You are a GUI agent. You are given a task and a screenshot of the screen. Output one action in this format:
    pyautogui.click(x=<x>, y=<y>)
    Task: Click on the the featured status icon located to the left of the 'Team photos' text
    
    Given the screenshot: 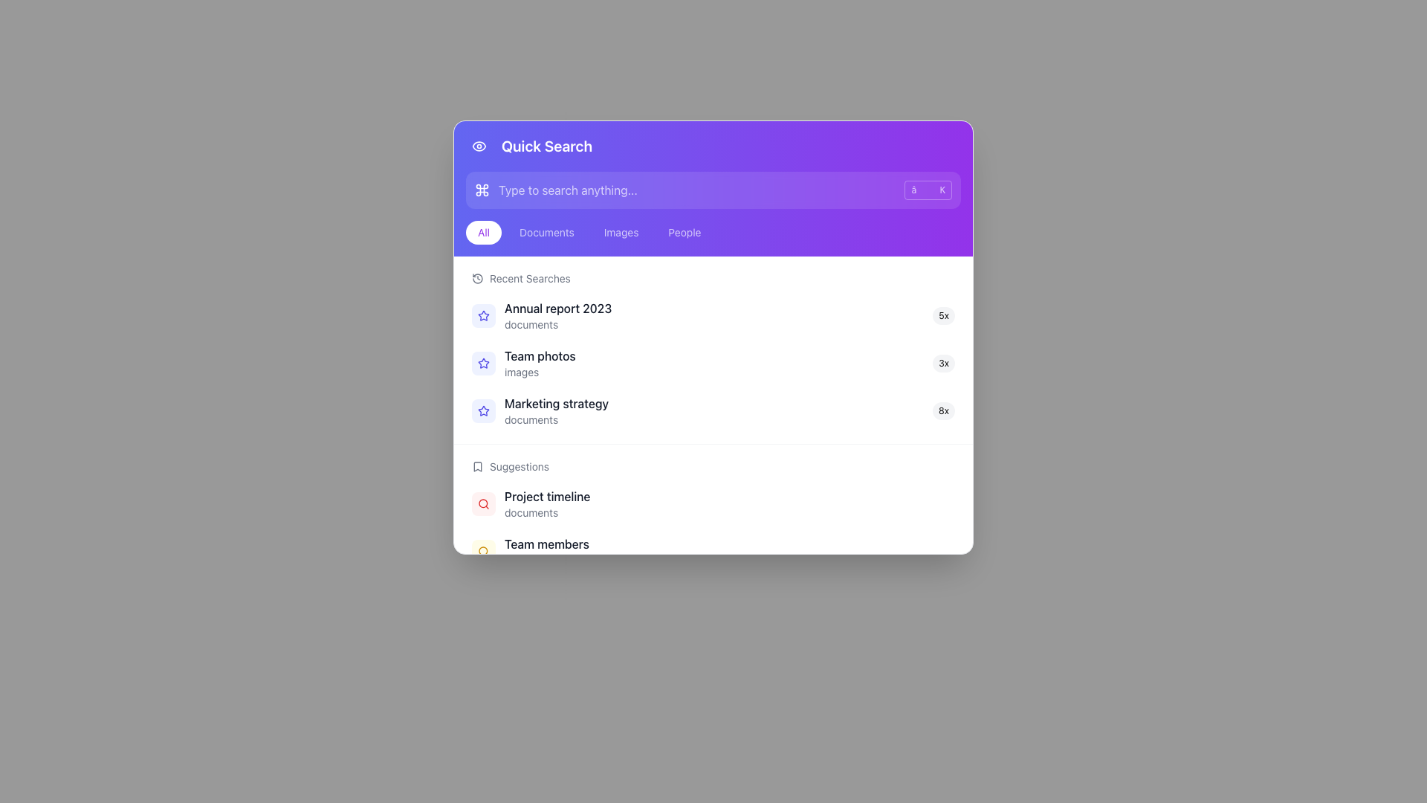 What is the action you would take?
    pyautogui.click(x=484, y=364)
    